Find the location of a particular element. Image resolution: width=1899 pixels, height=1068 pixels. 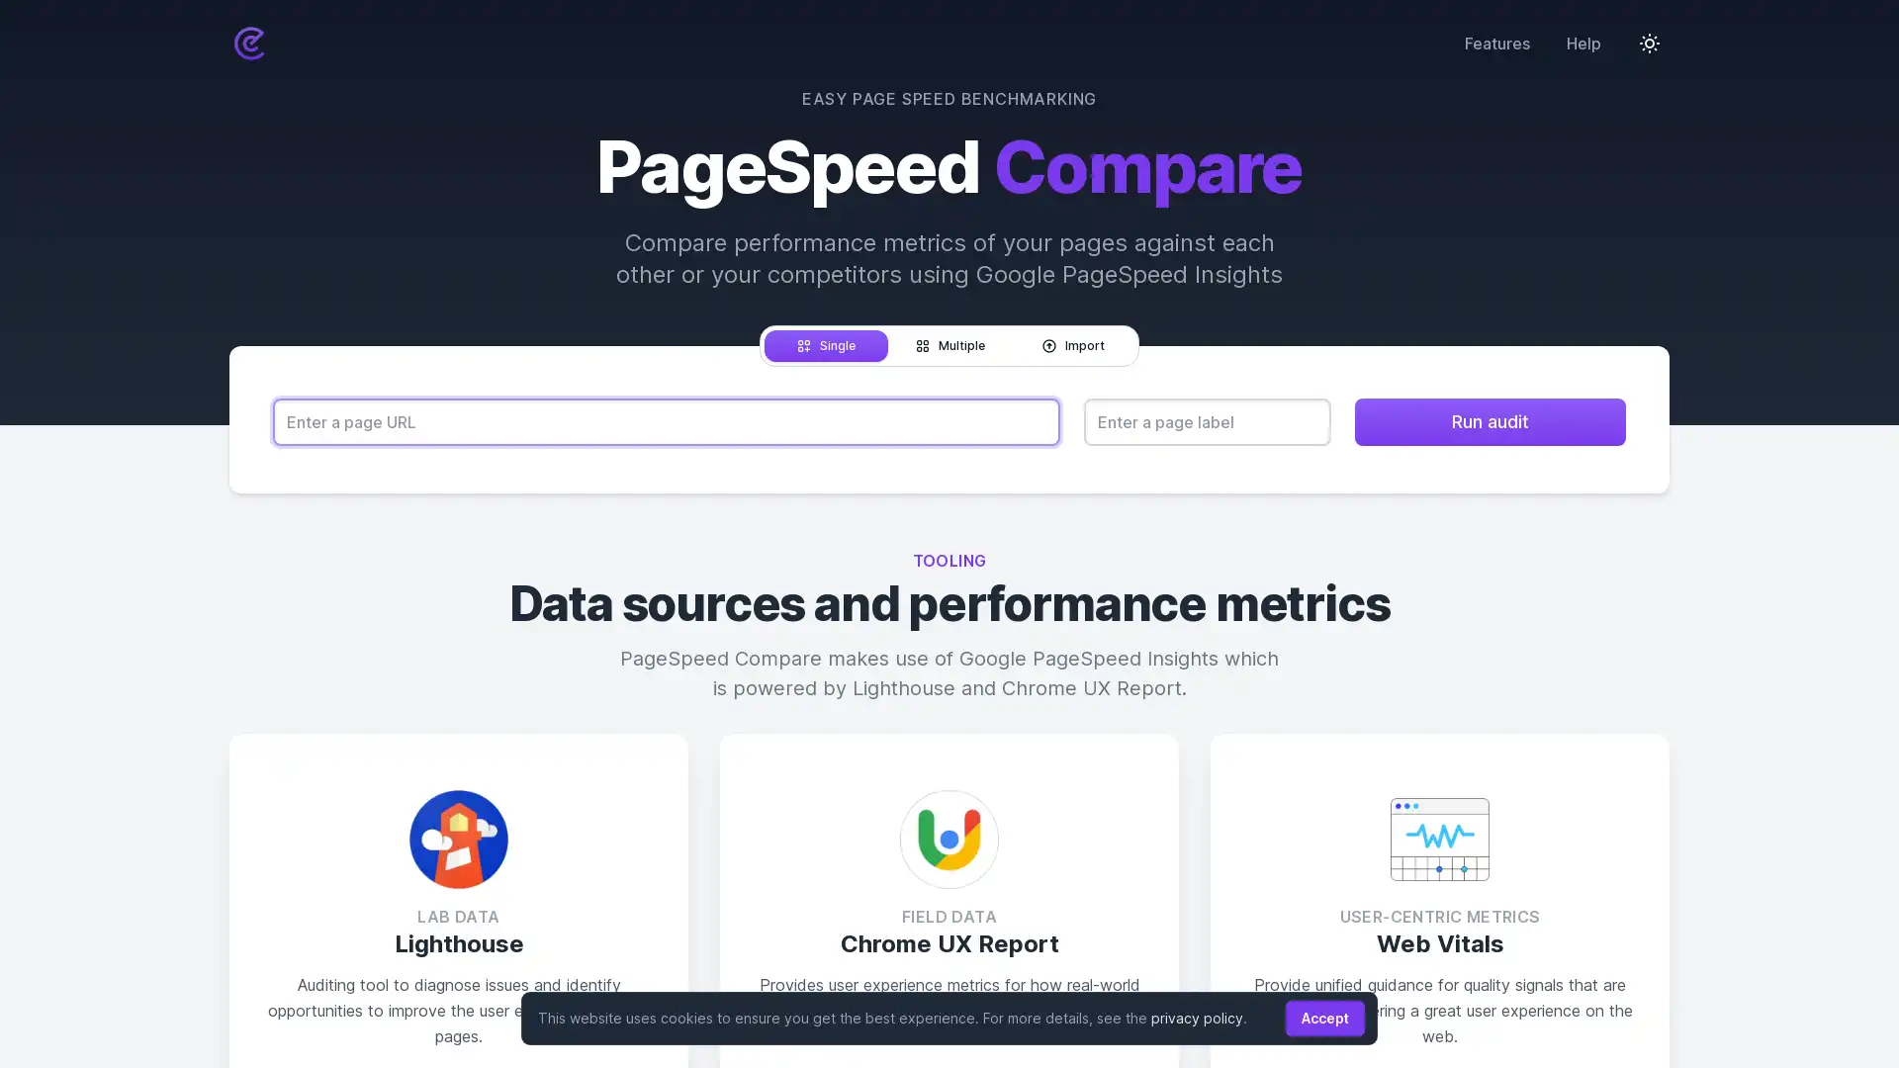

Accept is located at coordinates (1324, 1018).